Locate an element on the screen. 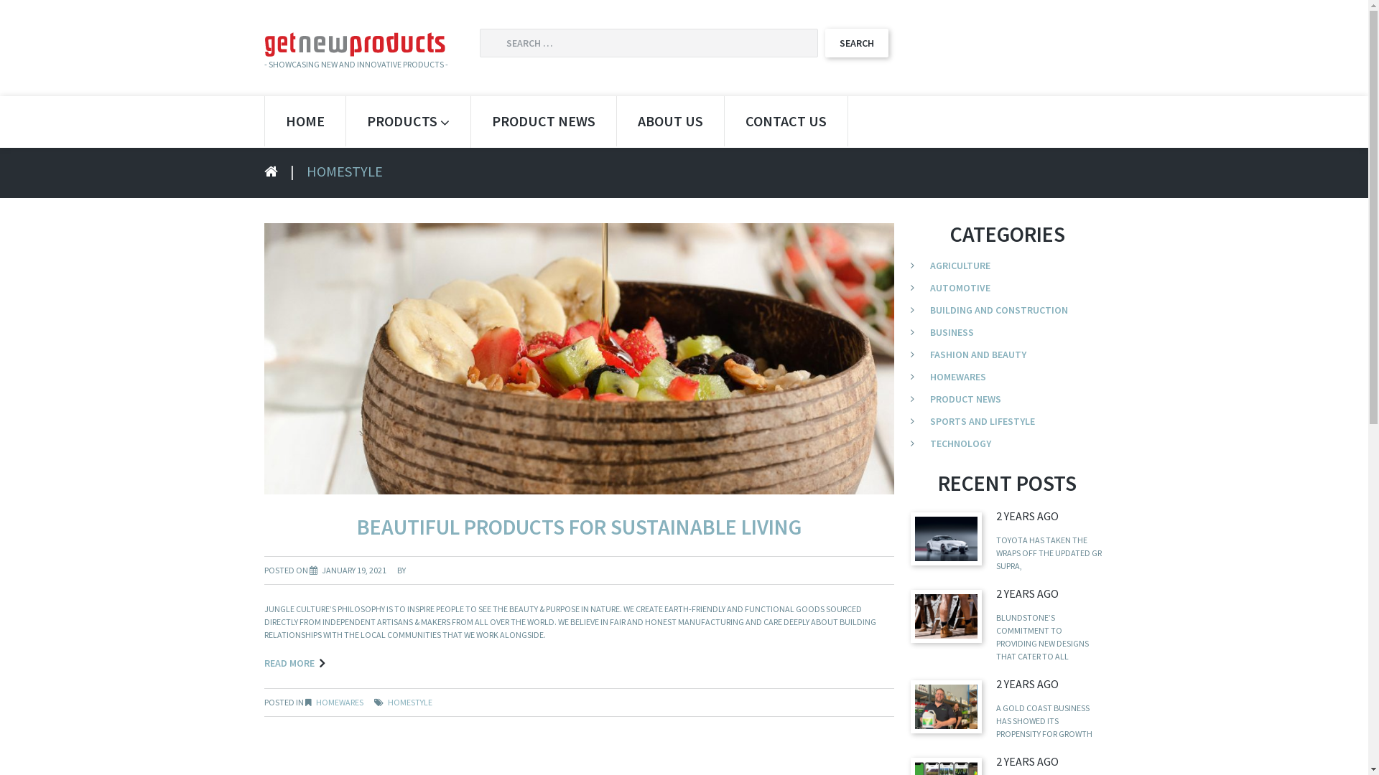 This screenshot has height=775, width=1379. 'CONTACT US' is located at coordinates (784, 121).